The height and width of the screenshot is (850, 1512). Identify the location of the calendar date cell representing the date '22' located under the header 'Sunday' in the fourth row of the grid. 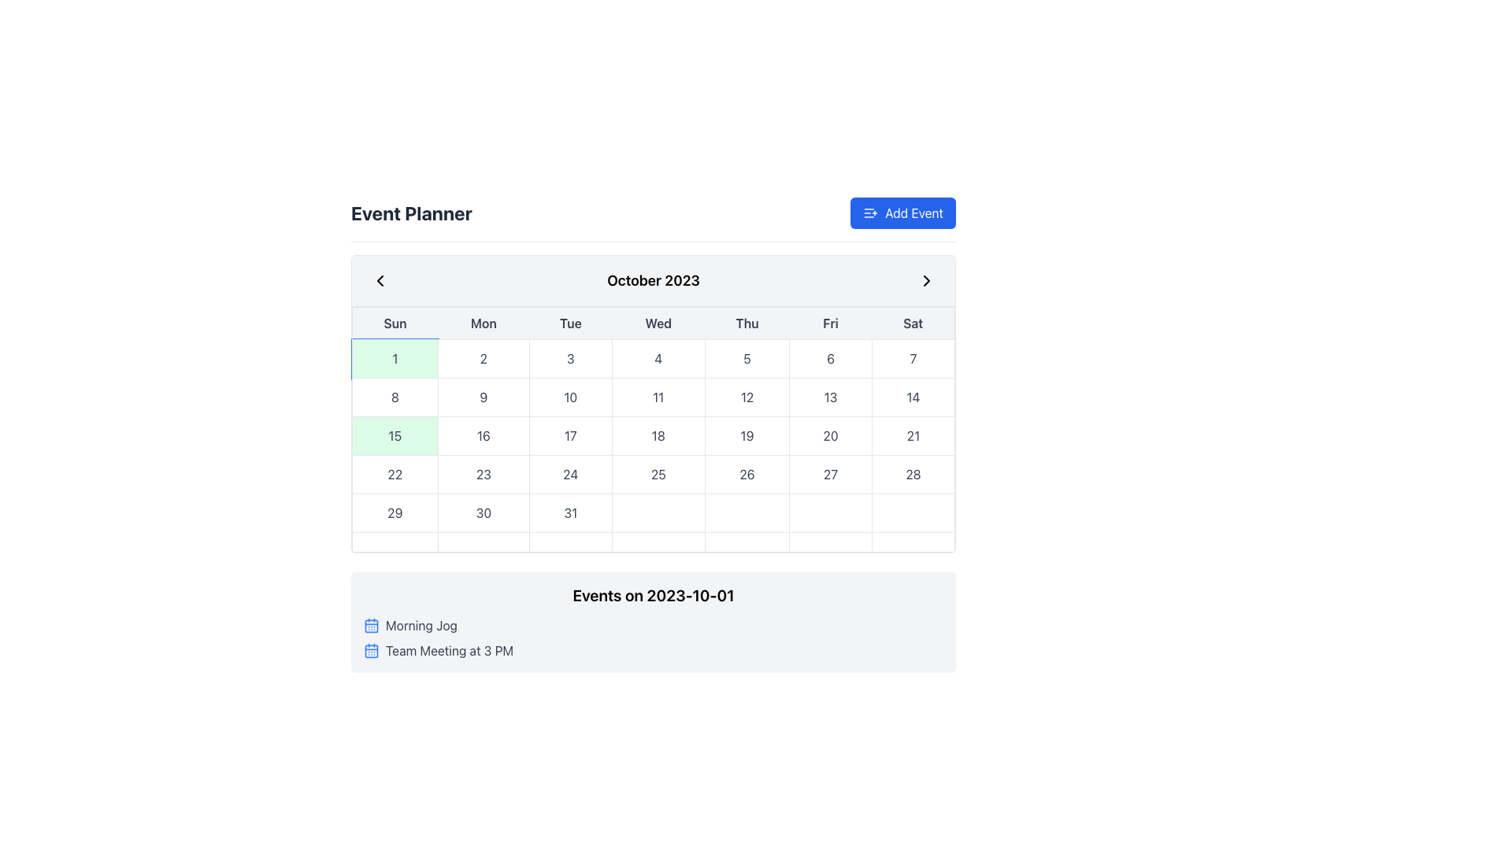
(395, 473).